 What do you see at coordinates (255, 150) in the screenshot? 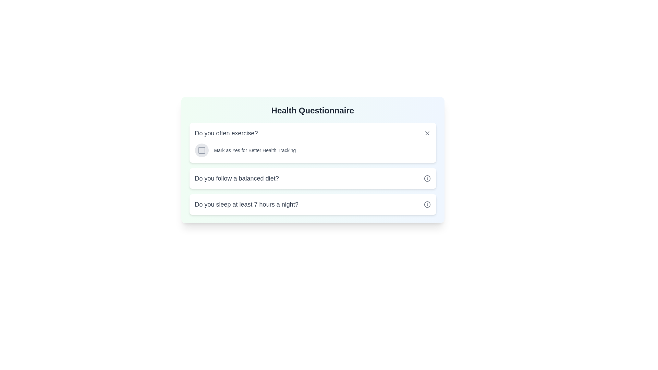
I see `the explanatory text label located within the first list item of the 'Health Questionnaire' section, which is positioned to the right of the checkbox icon beneath the prompt 'Do you often exercise?'` at bounding box center [255, 150].